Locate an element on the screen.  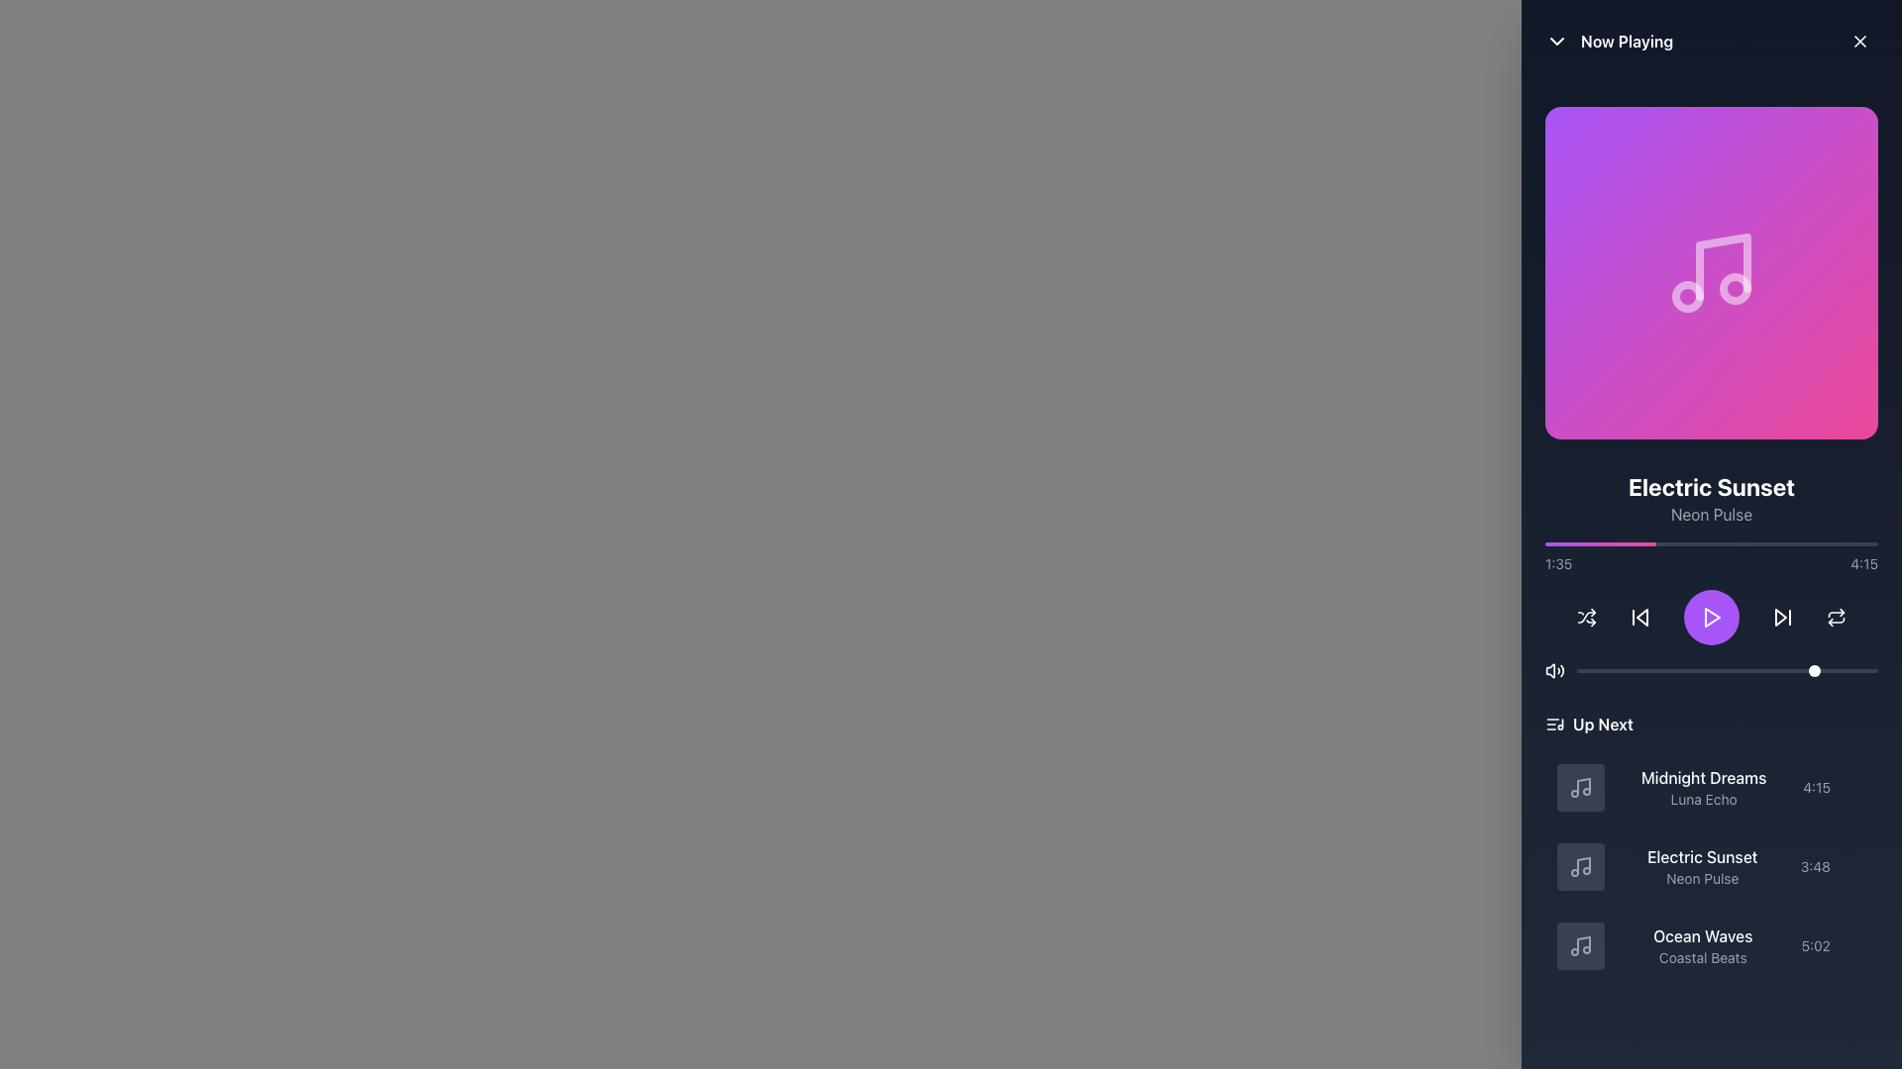
the square tile icon with a dark-gray background and a music icon, located at the top-left corner of the third row under the 'Up Next' list, representing the track 'Ocean Waves - Coastal Beats 5:02' is located at coordinates (1580, 945).